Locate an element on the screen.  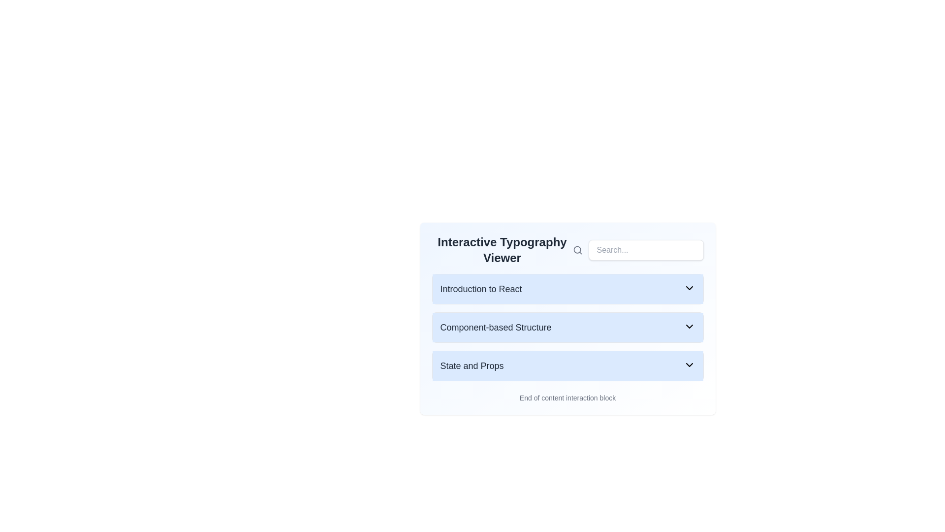
the interactive icon at the far-right end of the 'State and Props' section to potentially receive visual feedback is located at coordinates (689, 365).